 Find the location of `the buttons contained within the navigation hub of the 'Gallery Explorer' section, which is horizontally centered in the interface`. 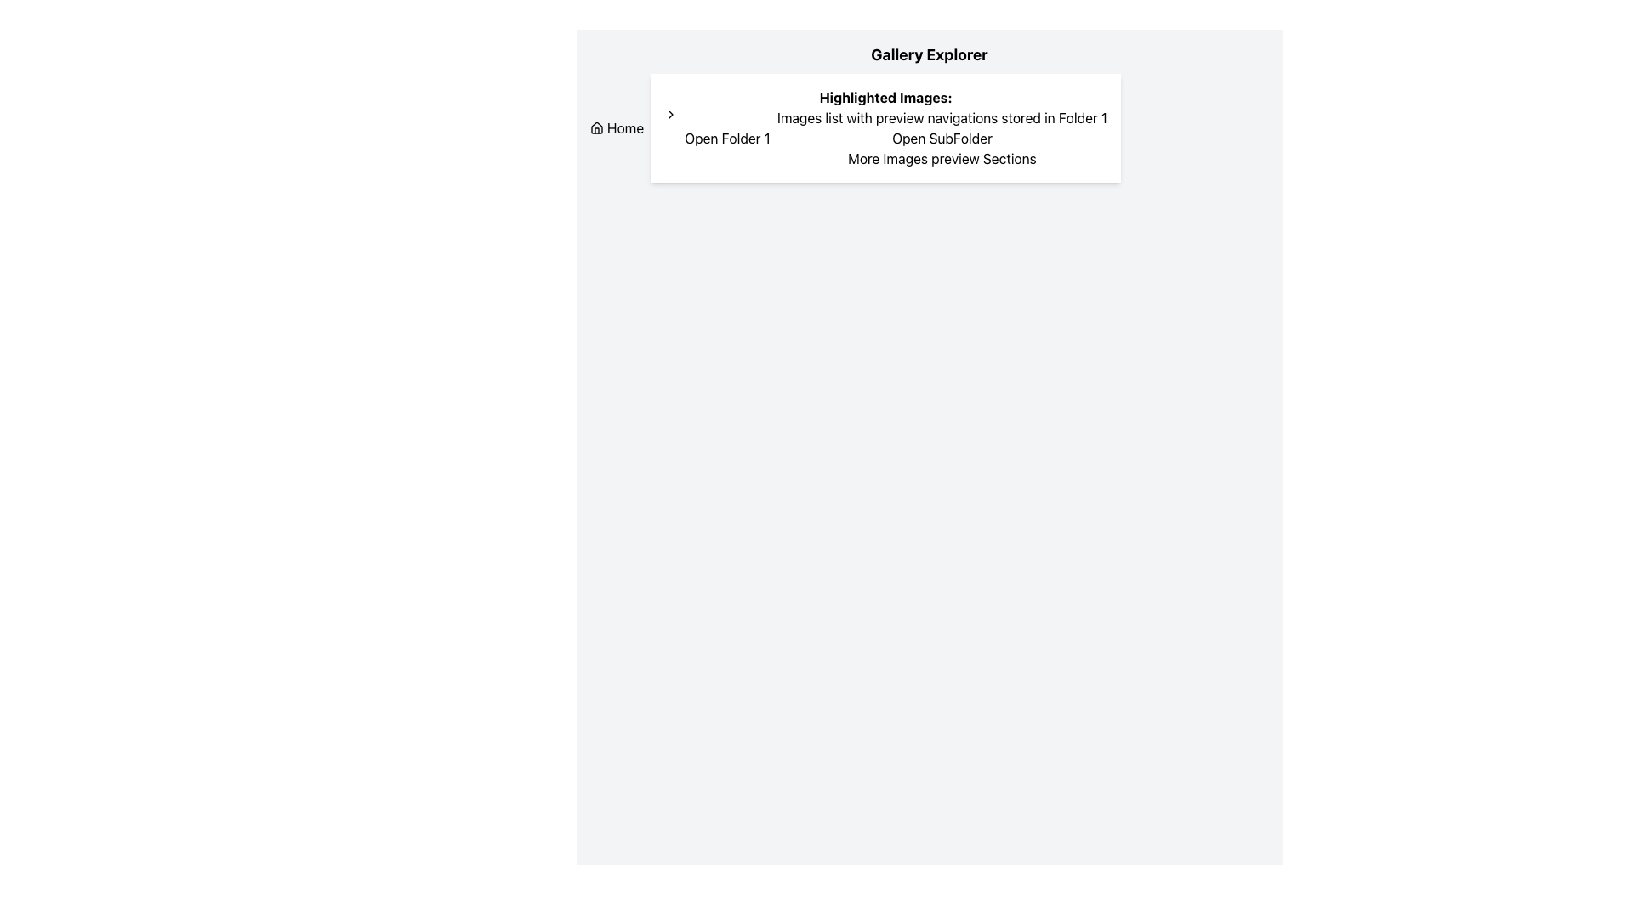

the buttons contained within the navigation hub of the 'Gallery Explorer' section, which is horizontally centered in the interface is located at coordinates (929, 127).